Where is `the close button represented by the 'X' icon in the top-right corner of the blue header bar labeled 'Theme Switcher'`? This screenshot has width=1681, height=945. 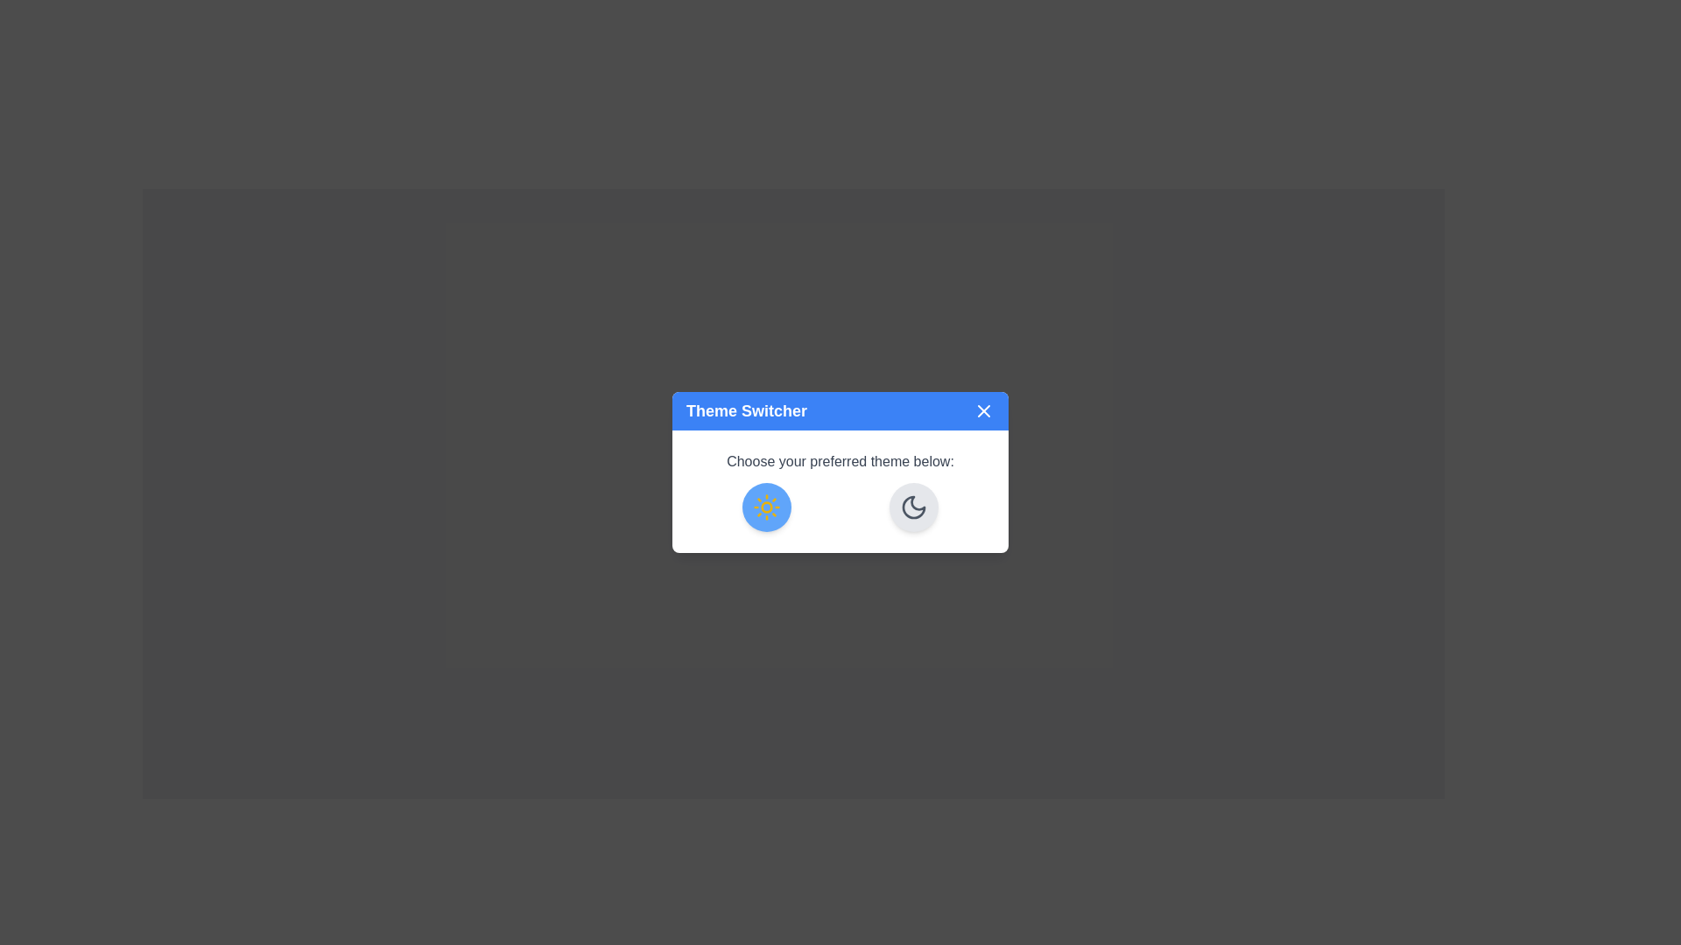 the close button represented by the 'X' icon in the top-right corner of the blue header bar labeled 'Theme Switcher' is located at coordinates (983, 411).